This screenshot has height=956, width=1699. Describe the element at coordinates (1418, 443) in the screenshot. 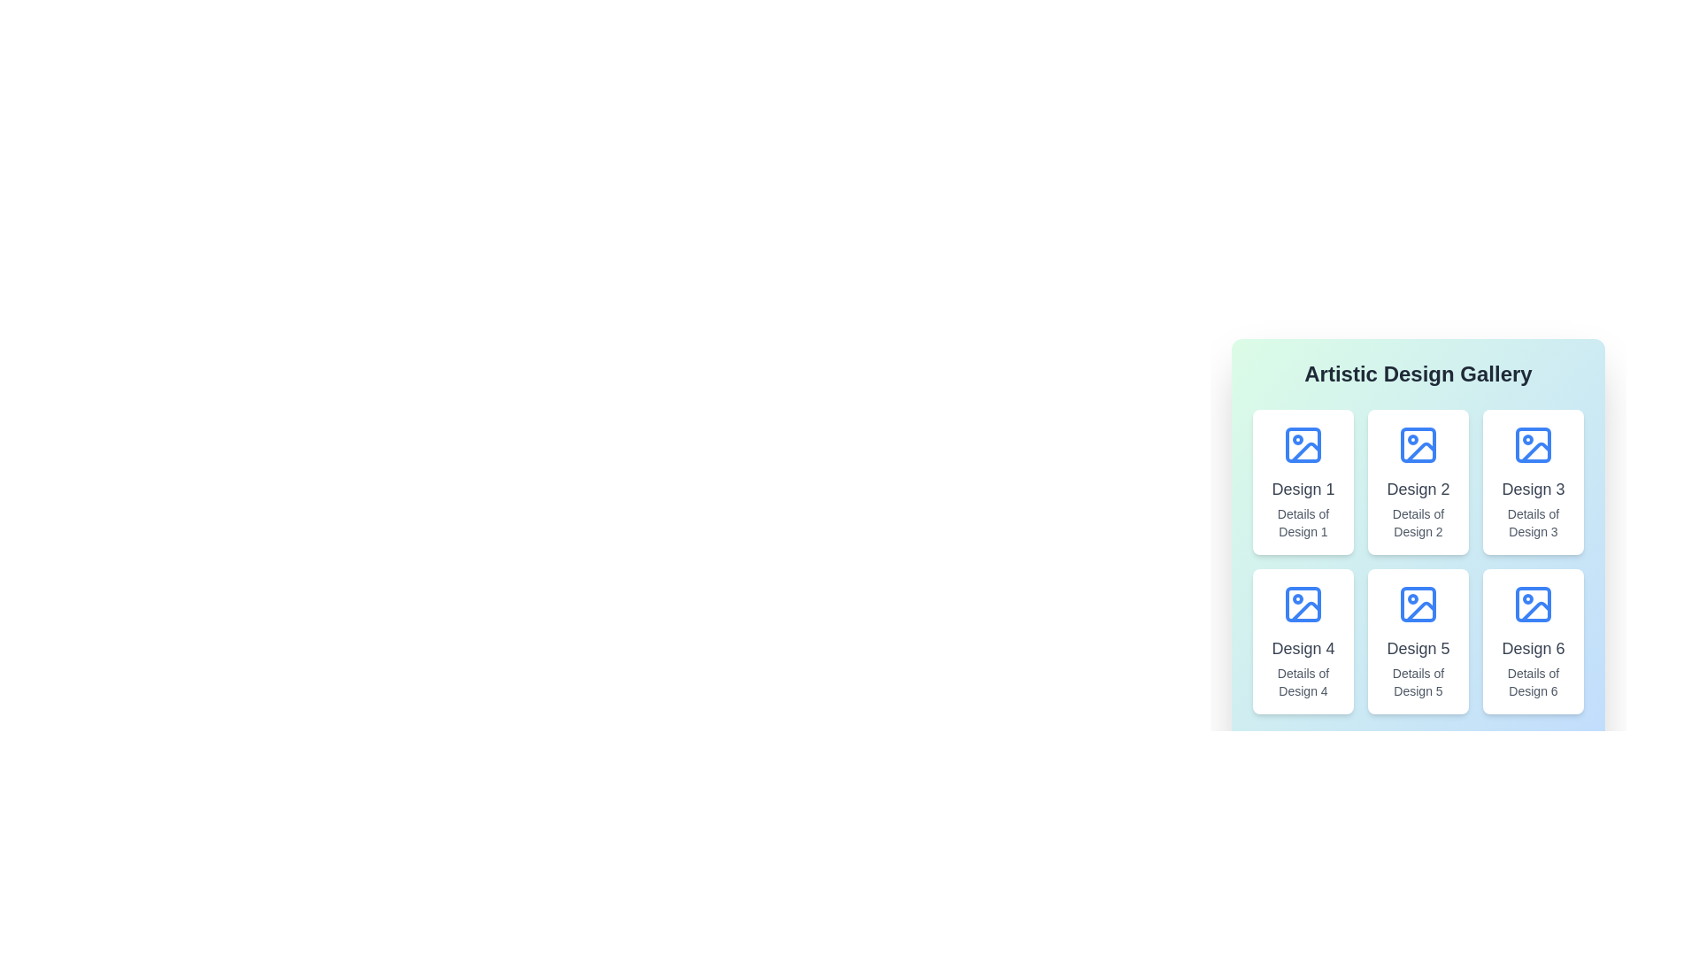

I see `the blue rounded rectangle icon background that is part of the second icon in the top row of the 'Artistic Design Gallery' grid layout, specifically within the 'Design 2' section` at that location.